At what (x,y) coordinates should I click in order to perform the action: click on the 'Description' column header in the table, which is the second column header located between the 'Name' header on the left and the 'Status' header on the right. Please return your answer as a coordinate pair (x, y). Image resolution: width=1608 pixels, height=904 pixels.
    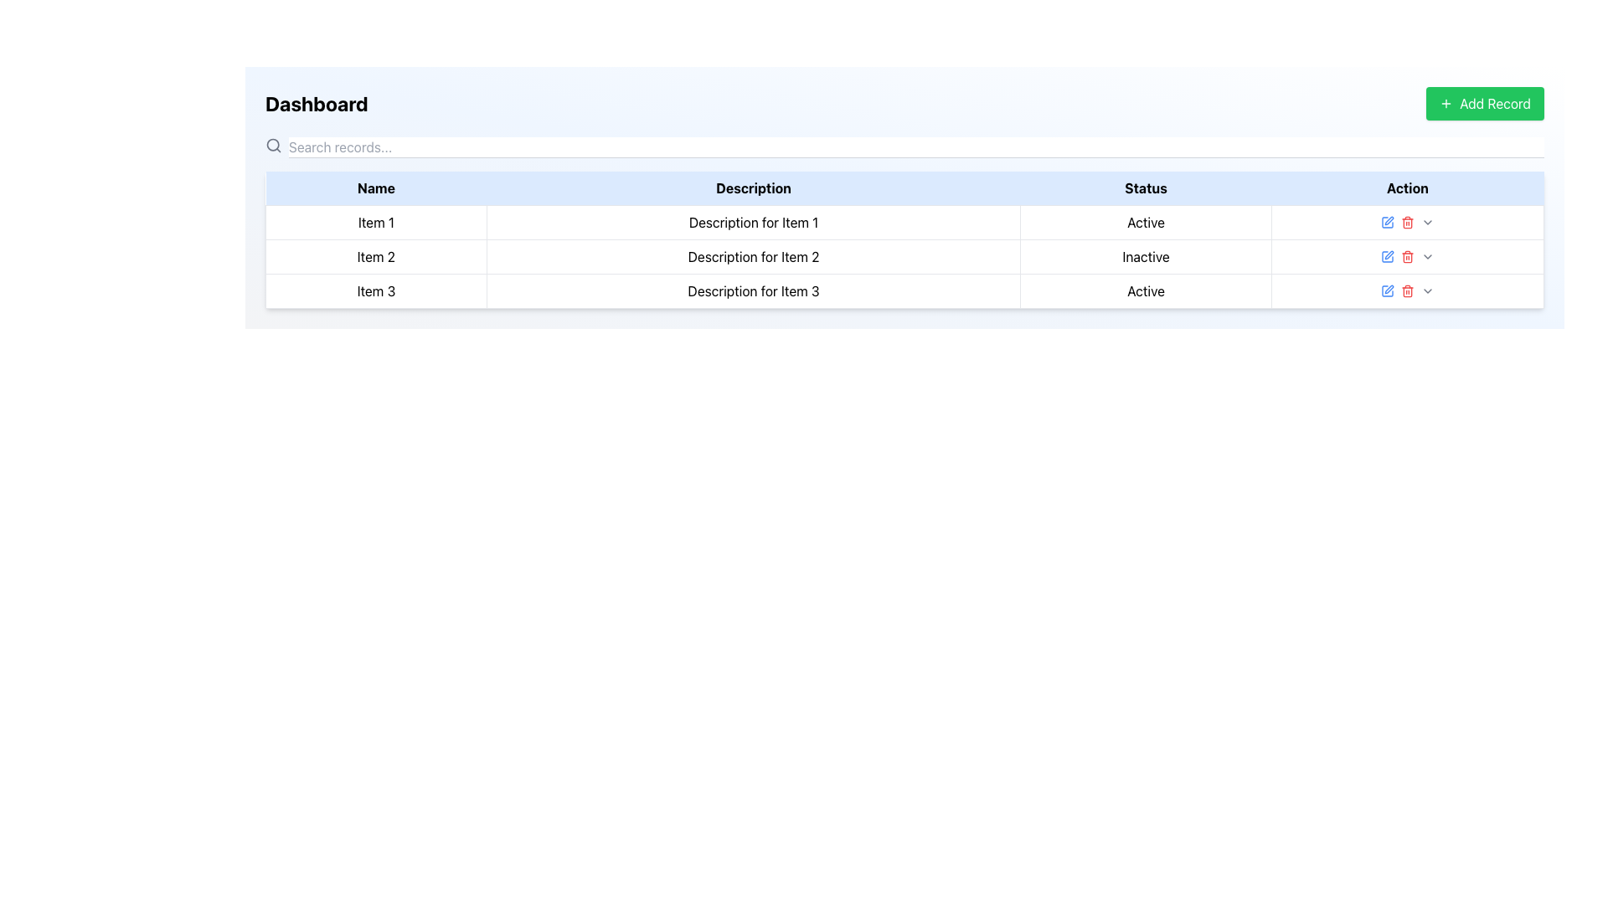
    Looking at the image, I should click on (753, 188).